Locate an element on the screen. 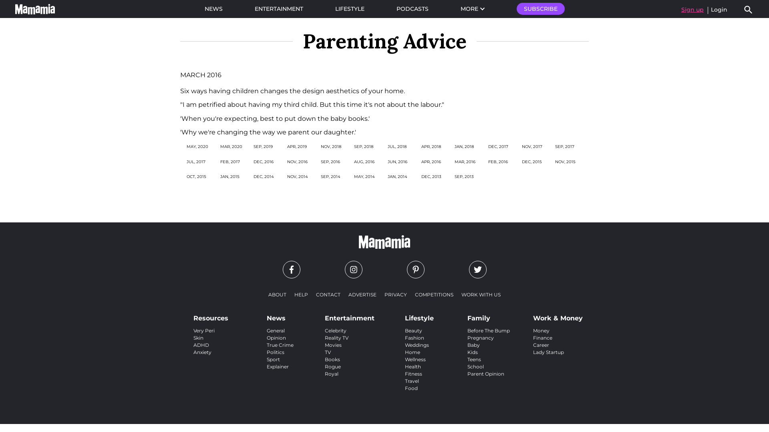 The width and height of the screenshot is (769, 432). 'Before The Bump' is located at coordinates (488, 330).